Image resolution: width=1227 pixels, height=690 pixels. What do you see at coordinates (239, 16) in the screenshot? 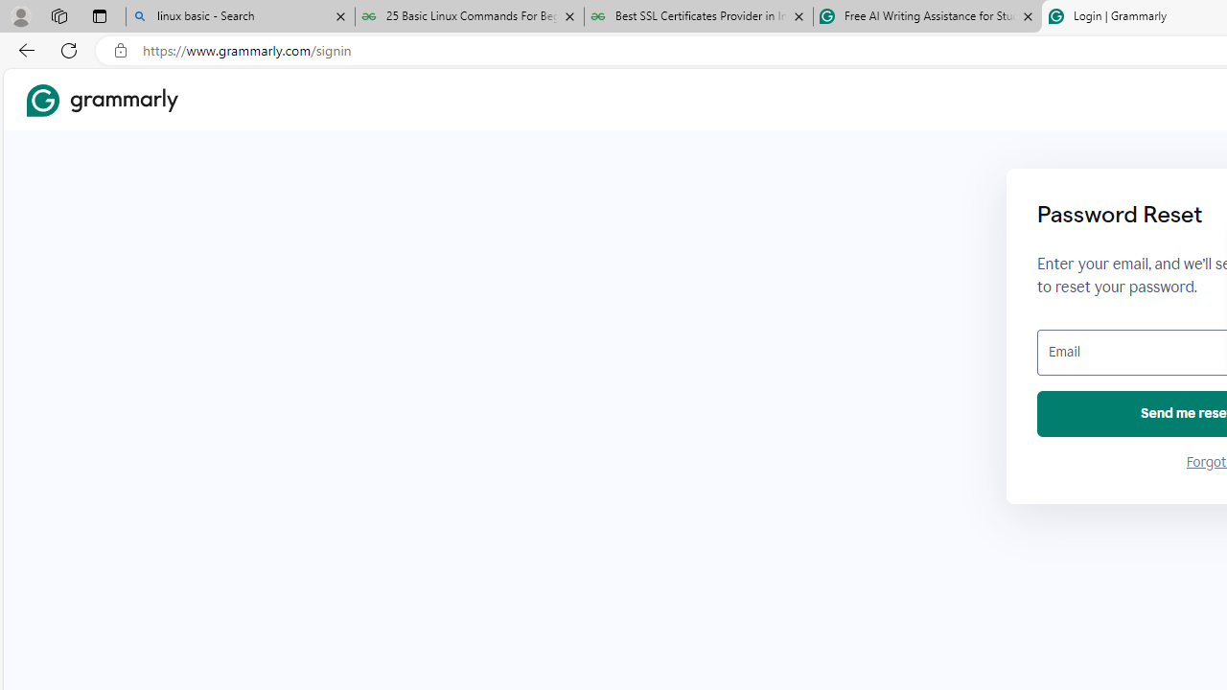
I see `'linux basic - Search'` at bounding box center [239, 16].